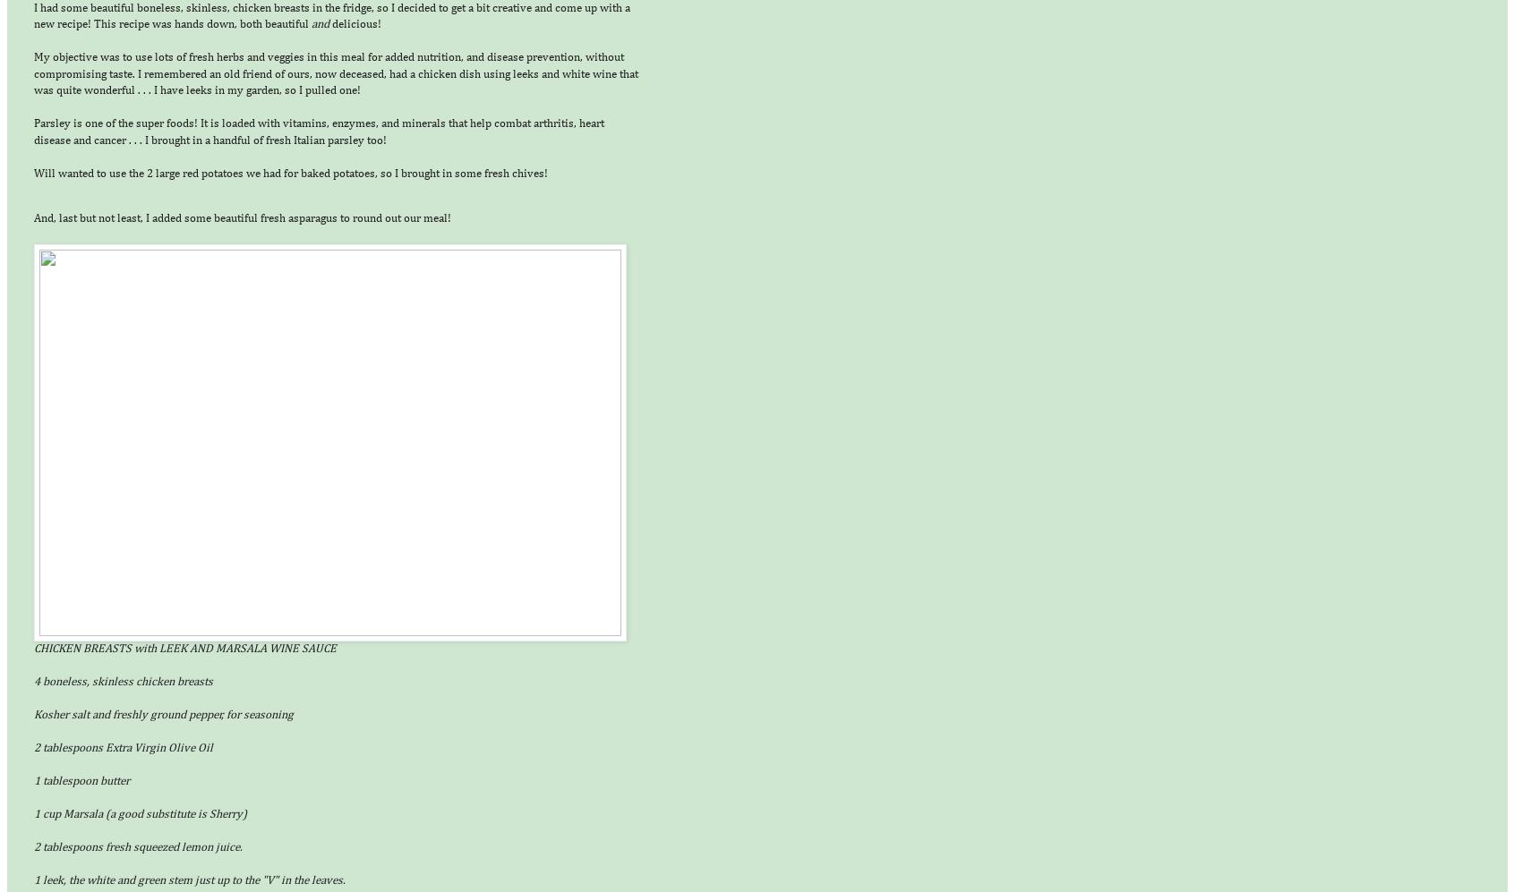 The image size is (1522, 892). Describe the element at coordinates (188, 879) in the screenshot. I see `'1 leek, the white and green stem just up to the "V" in the leaves.'` at that location.